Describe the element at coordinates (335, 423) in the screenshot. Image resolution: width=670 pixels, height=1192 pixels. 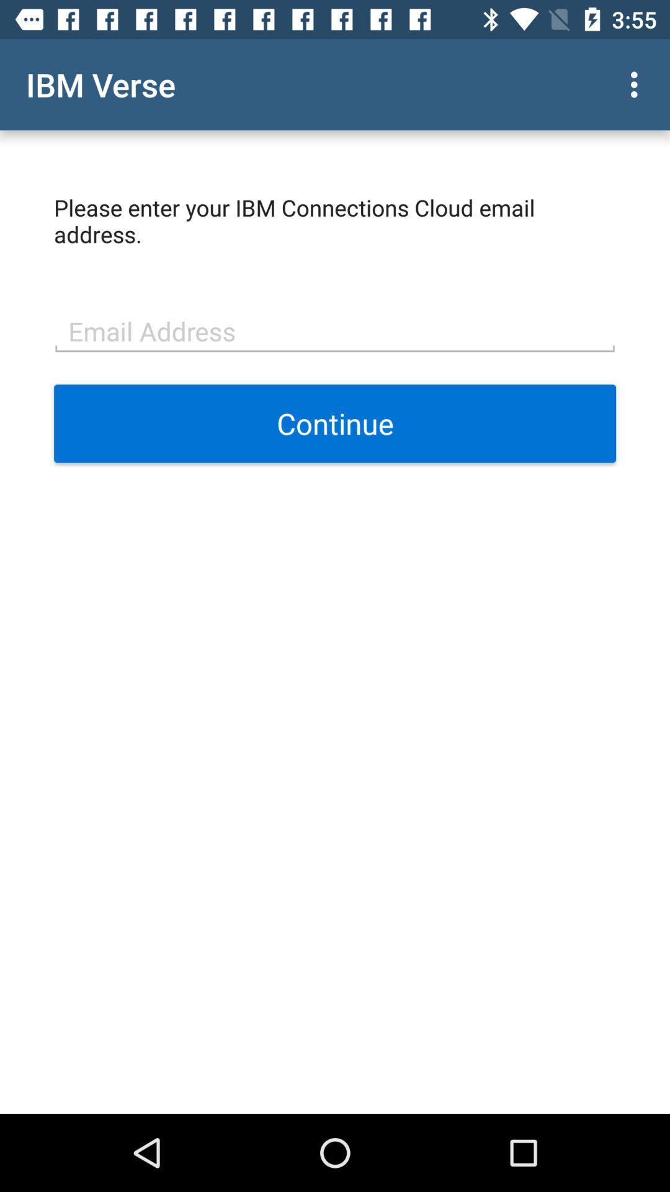
I see `item at the center` at that location.